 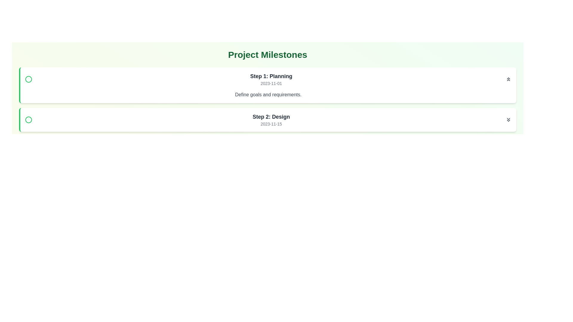 I want to click on the medium-sized green circular outline icon located to the immediate left of the text 'Step 1: Planning', so click(x=28, y=79).